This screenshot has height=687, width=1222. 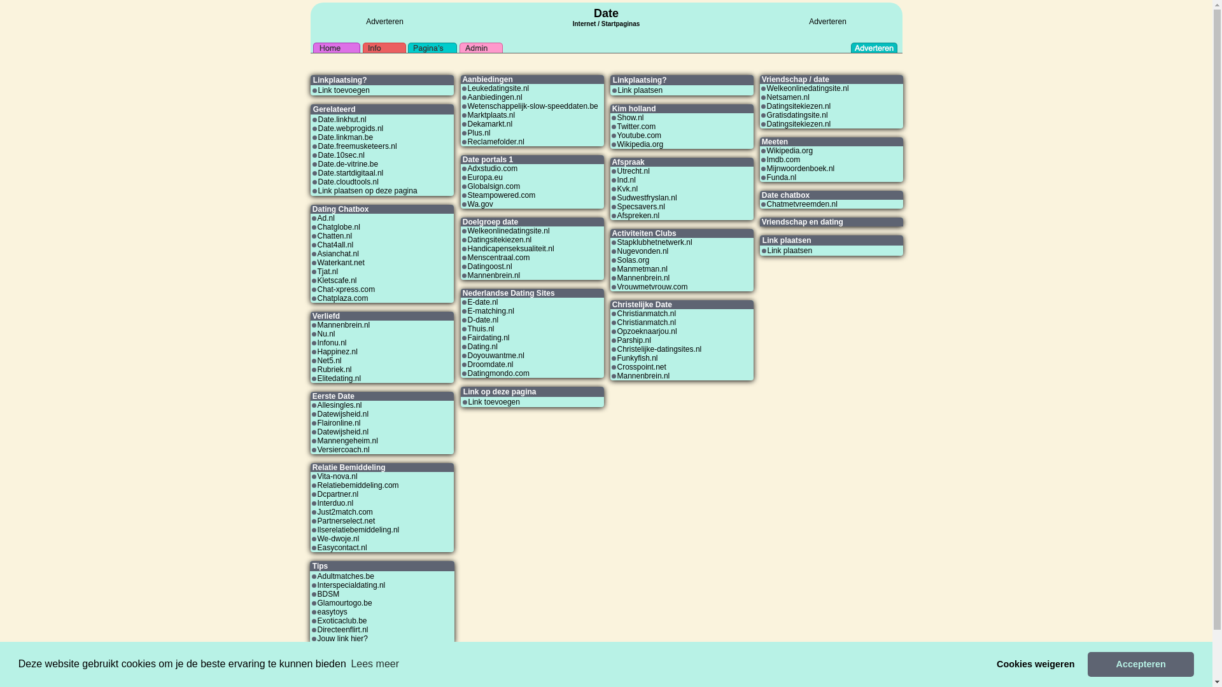 What do you see at coordinates (617, 321) in the screenshot?
I see `'Christianmatch.nl'` at bounding box center [617, 321].